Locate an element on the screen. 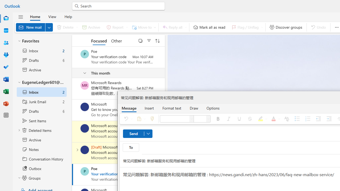 This screenshot has height=191, width=340. 'Increase indent' is located at coordinates (329, 118).